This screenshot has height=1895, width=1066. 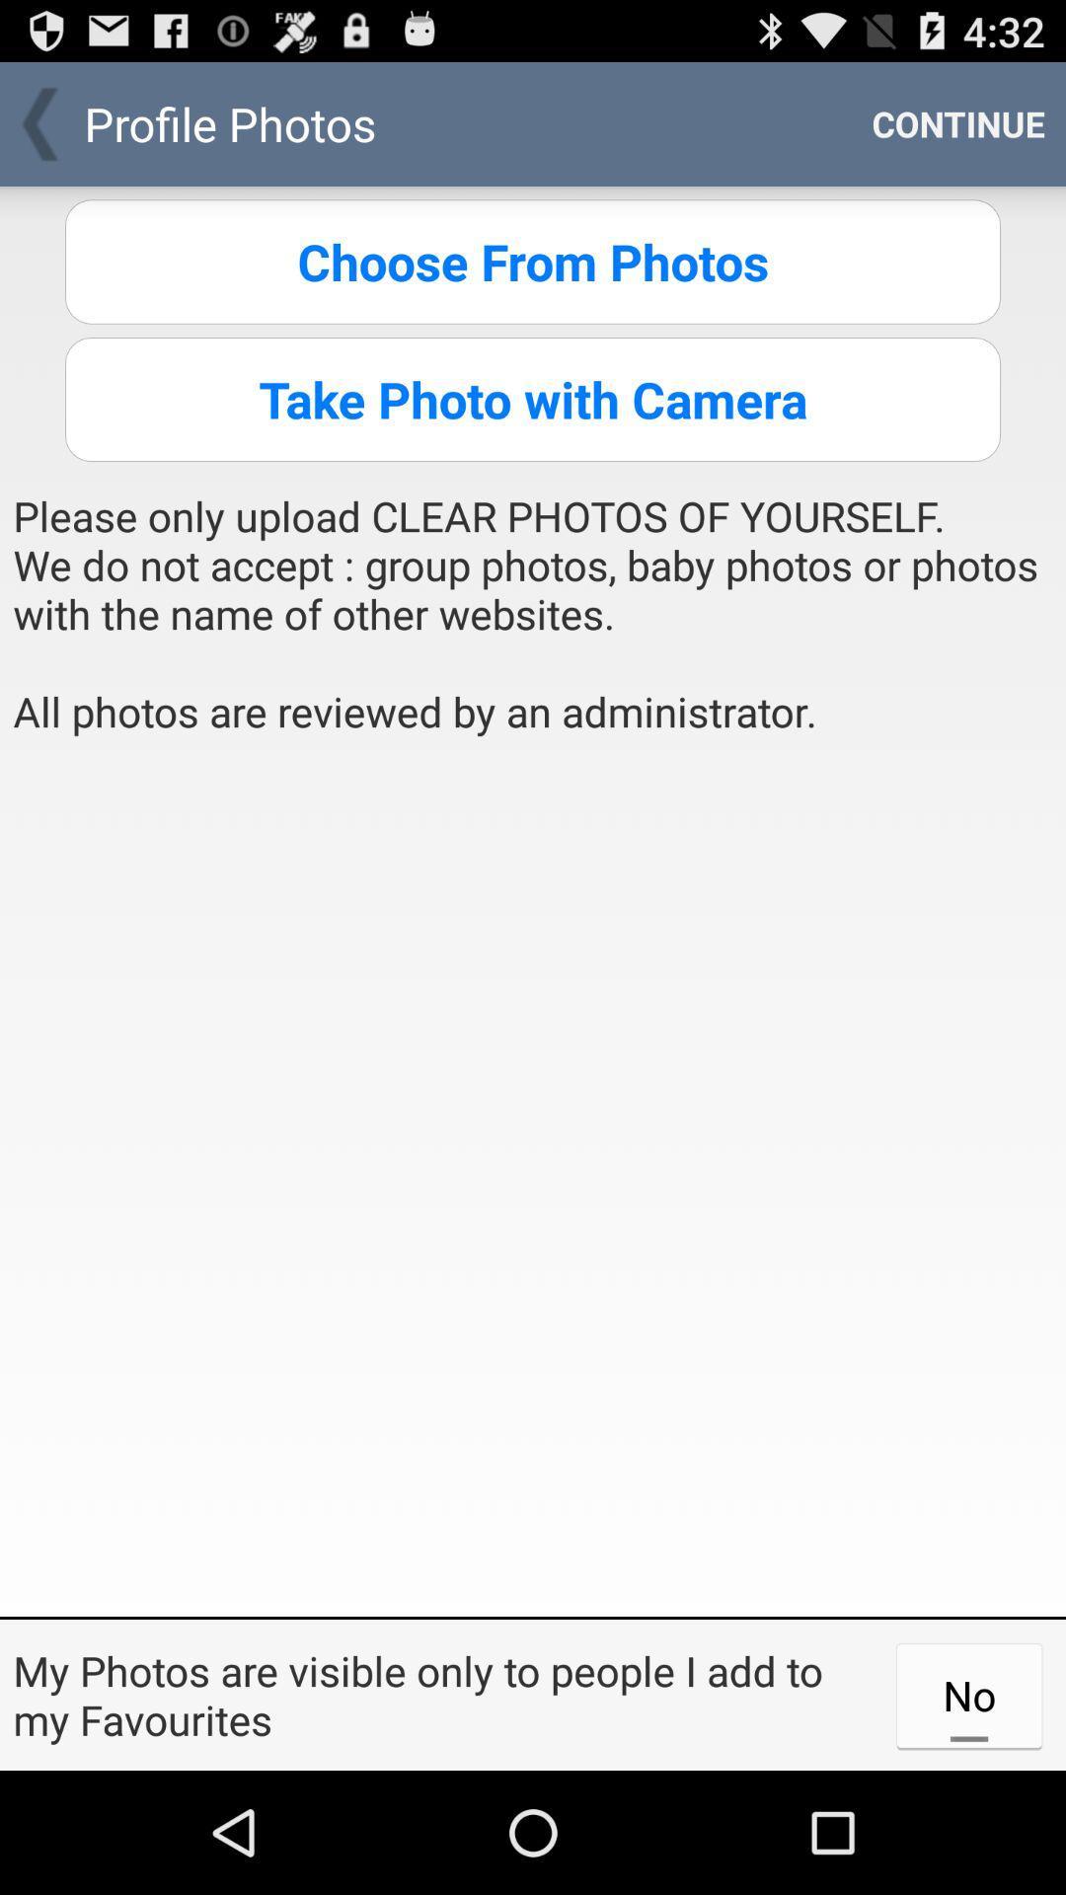 I want to click on the item above choose from photos, so click(x=957, y=122).